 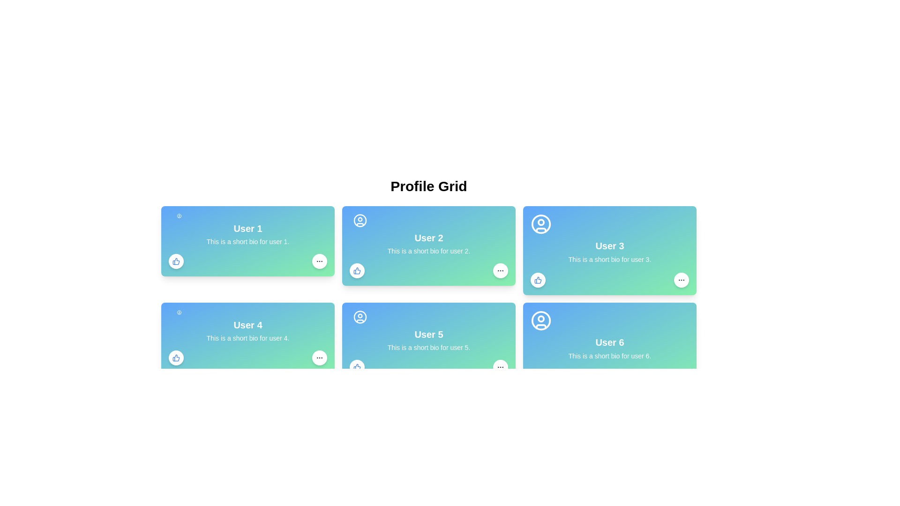 I want to click on the circular menu icon located at the bottom-right corner of the 'User 3' card, so click(x=682, y=279).